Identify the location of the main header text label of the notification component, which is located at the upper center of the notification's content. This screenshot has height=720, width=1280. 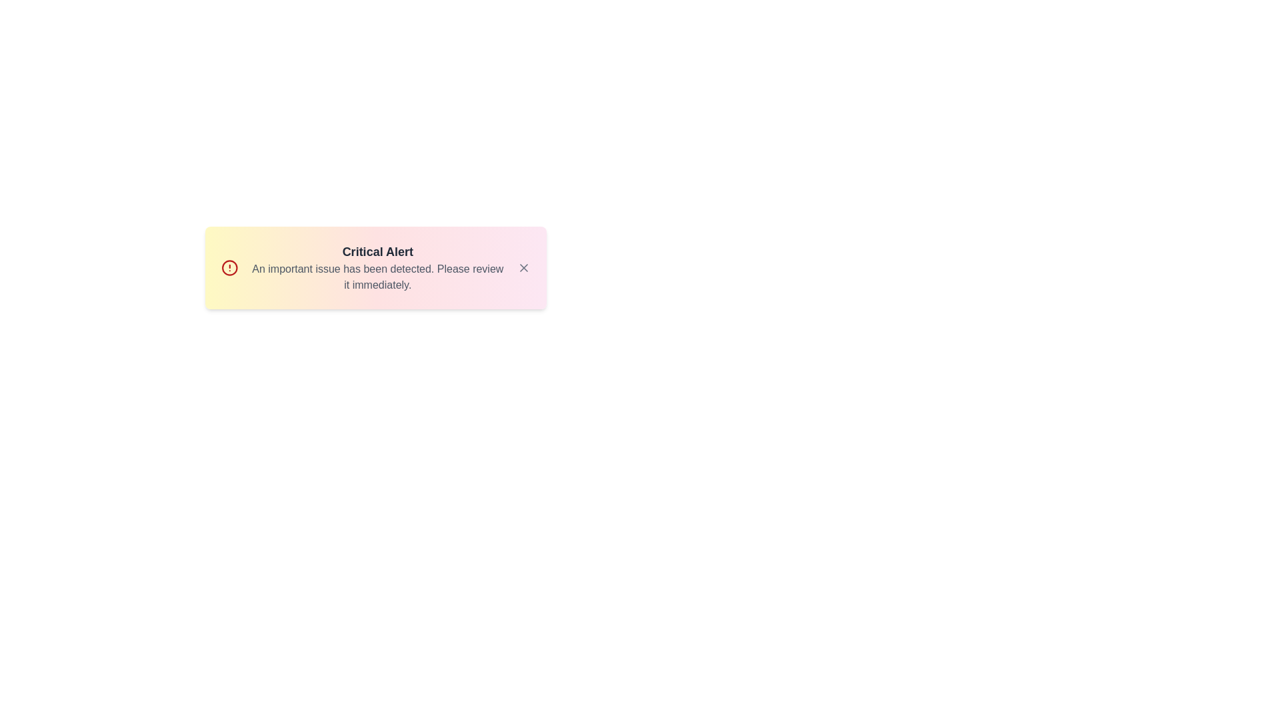
(377, 252).